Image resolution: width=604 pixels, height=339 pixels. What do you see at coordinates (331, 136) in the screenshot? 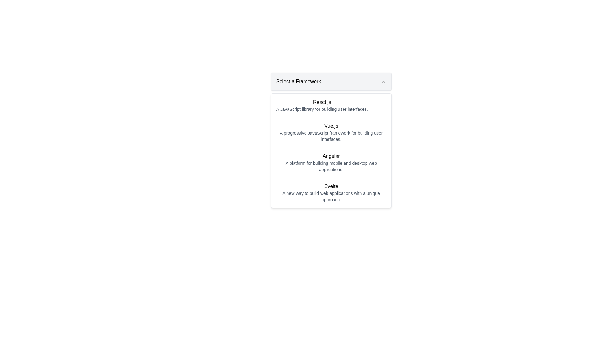
I see `the text element displaying 'A progressive JavaScript framework for building user interfaces.' which is positioned below 'Vue.js' in the dropdown menu titled 'Select a Framework'` at bounding box center [331, 136].